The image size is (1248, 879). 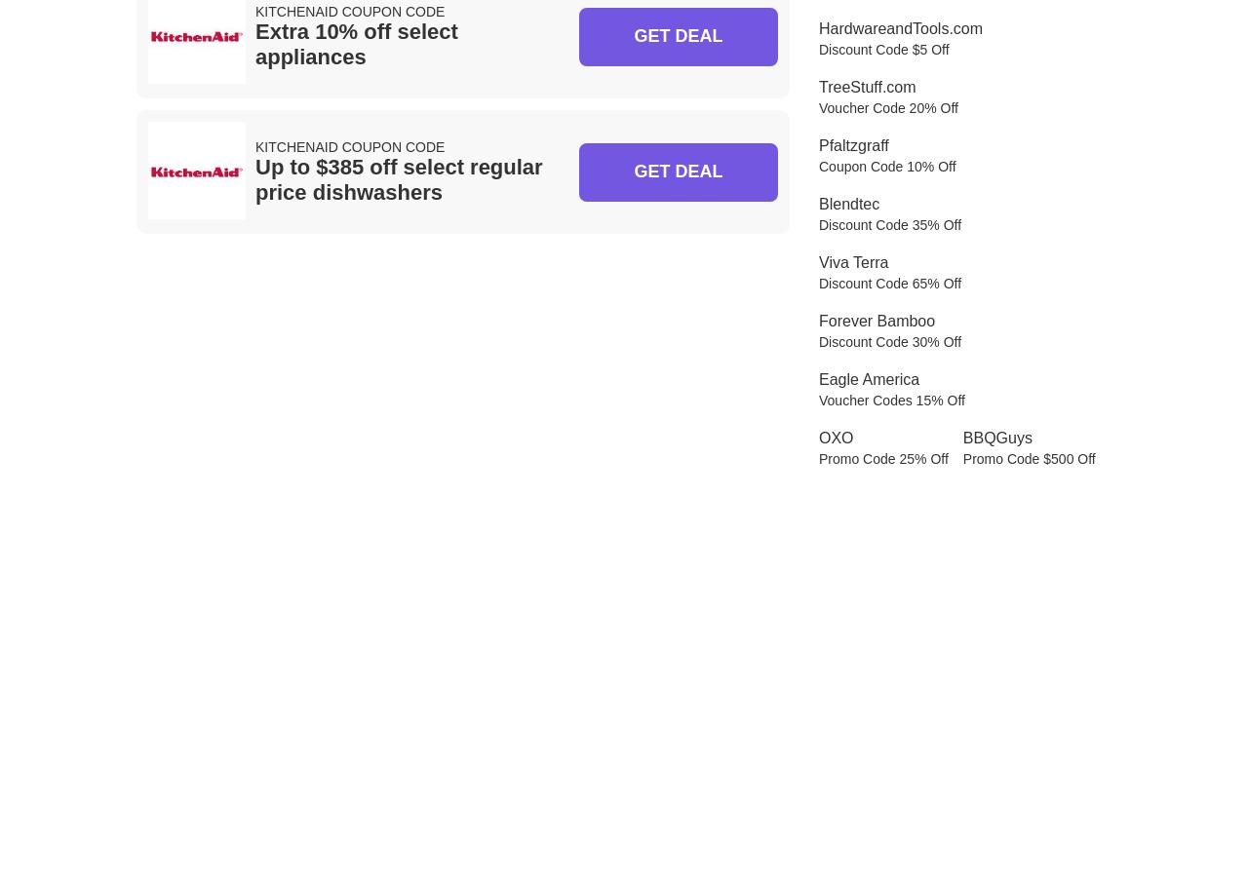 What do you see at coordinates (889, 339) in the screenshot?
I see `'Discount Code 30% Off'` at bounding box center [889, 339].